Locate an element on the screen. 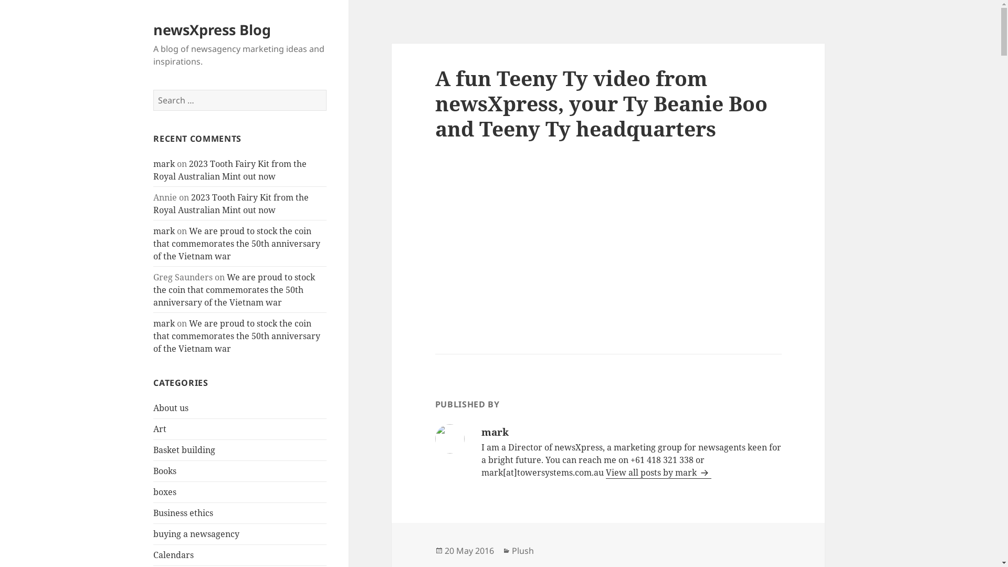  'Business ethics' is located at coordinates (183, 512).